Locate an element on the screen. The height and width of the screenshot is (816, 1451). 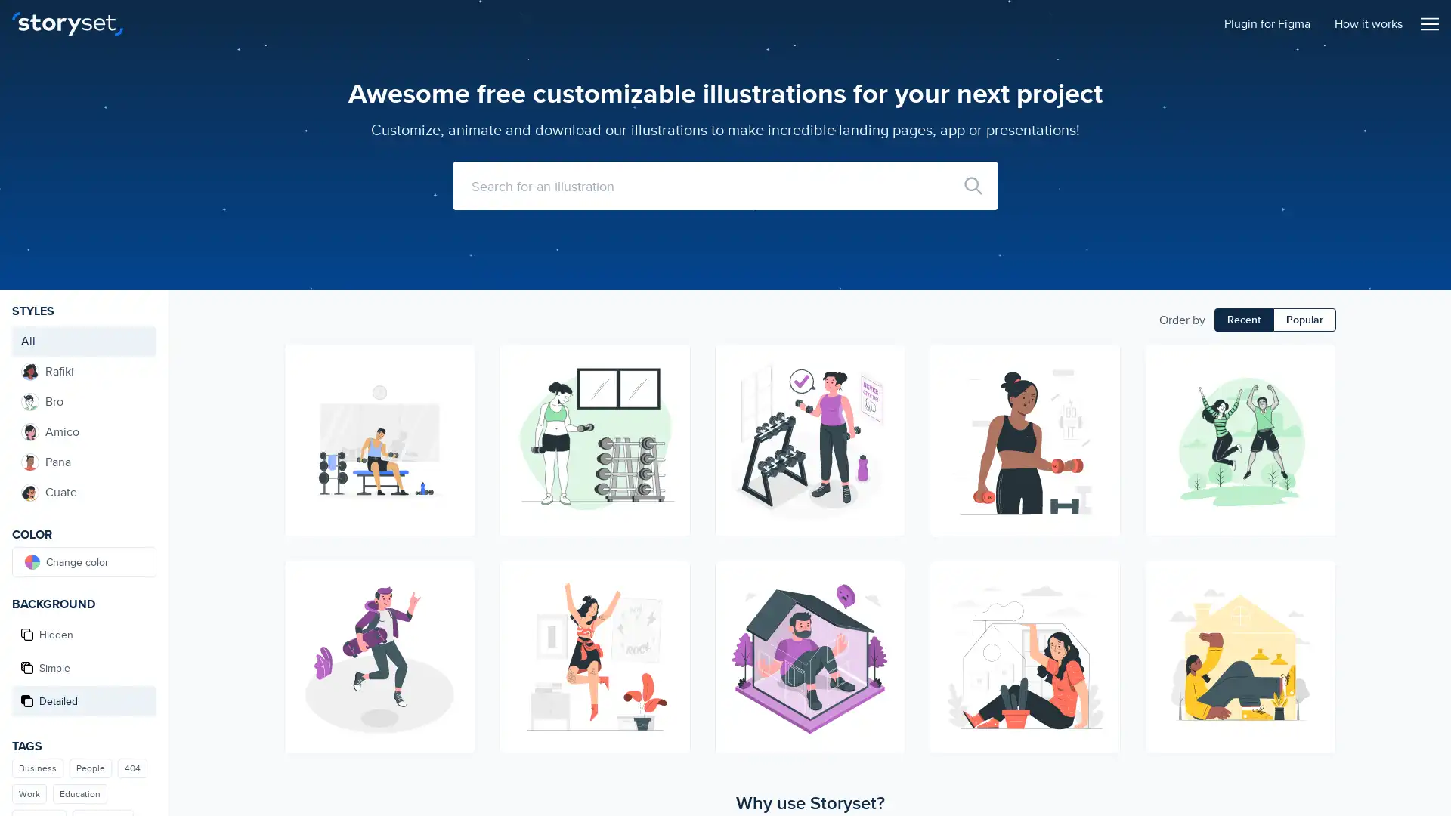
Hidden is located at coordinates (83, 635).